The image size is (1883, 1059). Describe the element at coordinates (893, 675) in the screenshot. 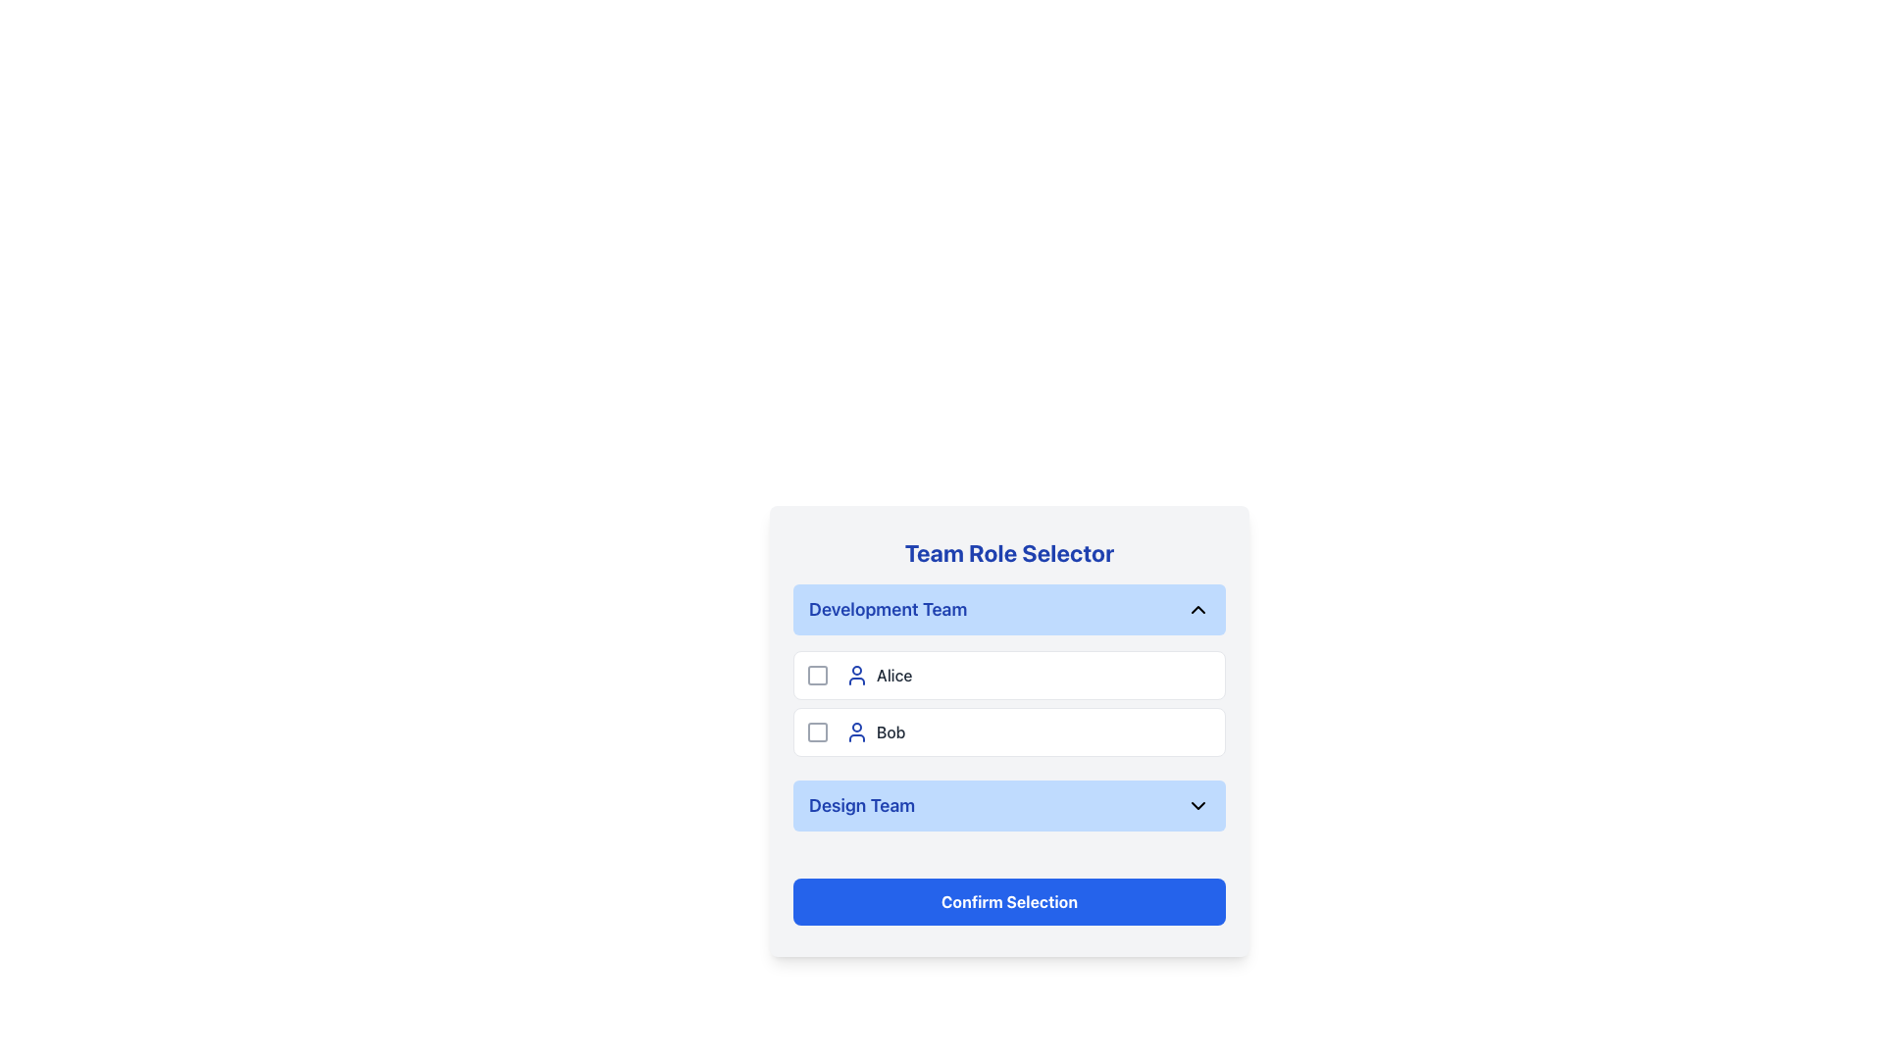

I see `the text label displaying the name 'Alice' in the 'Development Team' section, which is aligned to the right of an avatar icon and a checkbox` at that location.